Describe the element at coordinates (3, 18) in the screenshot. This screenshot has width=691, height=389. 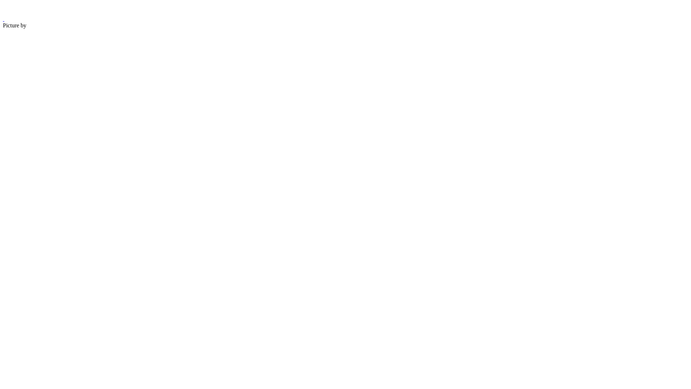
I see `' '` at that location.